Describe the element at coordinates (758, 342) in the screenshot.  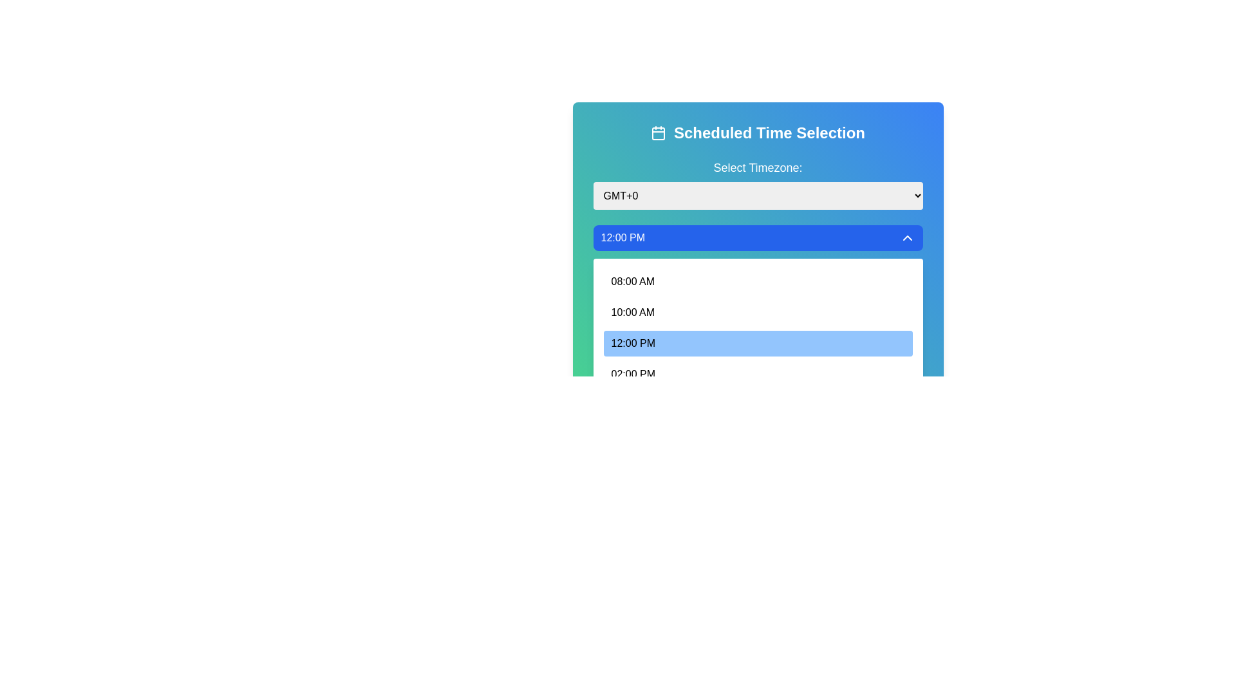
I see `the selectable list item displaying '12:00 PM'` at that location.